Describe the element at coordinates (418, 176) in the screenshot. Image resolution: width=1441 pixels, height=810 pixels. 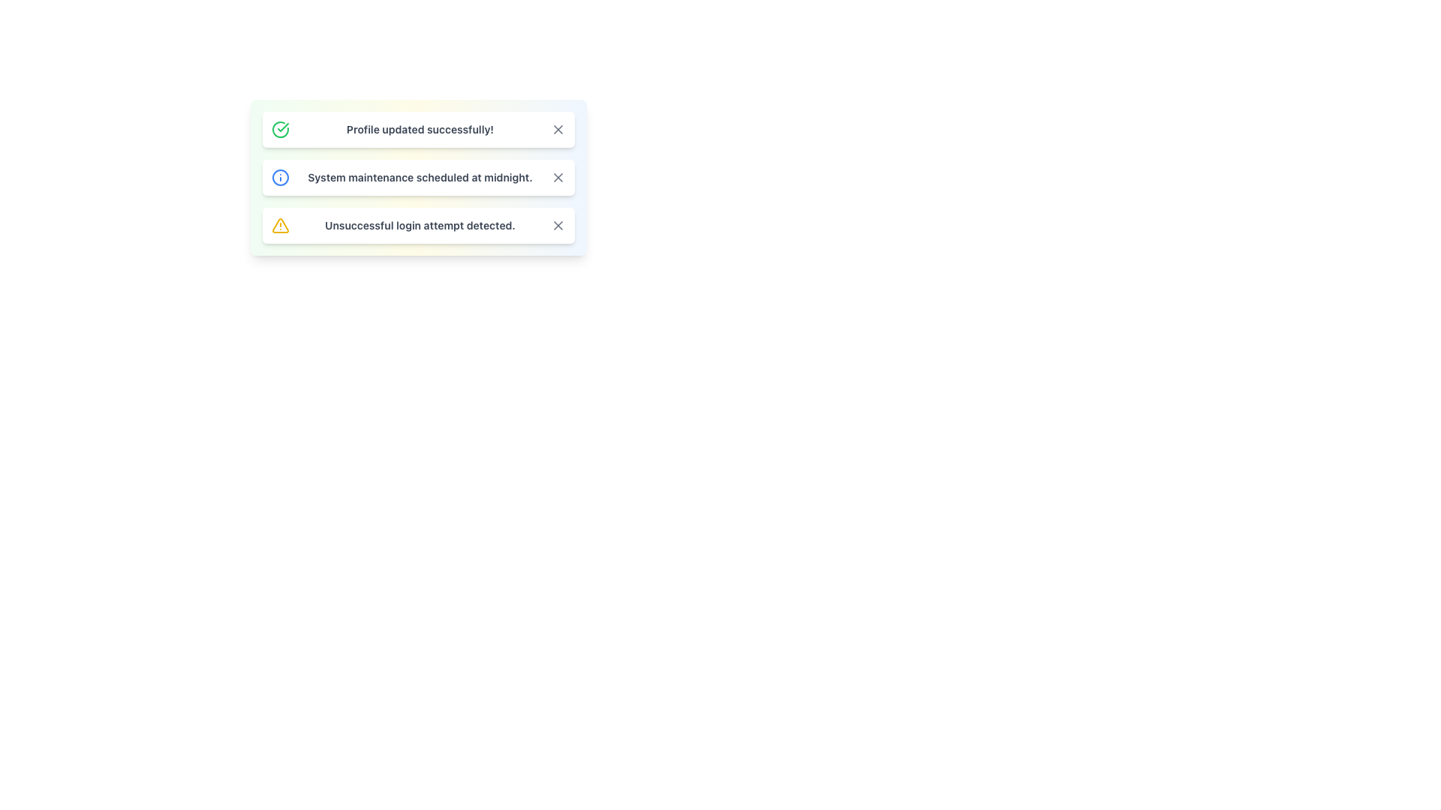
I see `text from the Notification block that informs users about system maintenance scheduled at midnight` at that location.